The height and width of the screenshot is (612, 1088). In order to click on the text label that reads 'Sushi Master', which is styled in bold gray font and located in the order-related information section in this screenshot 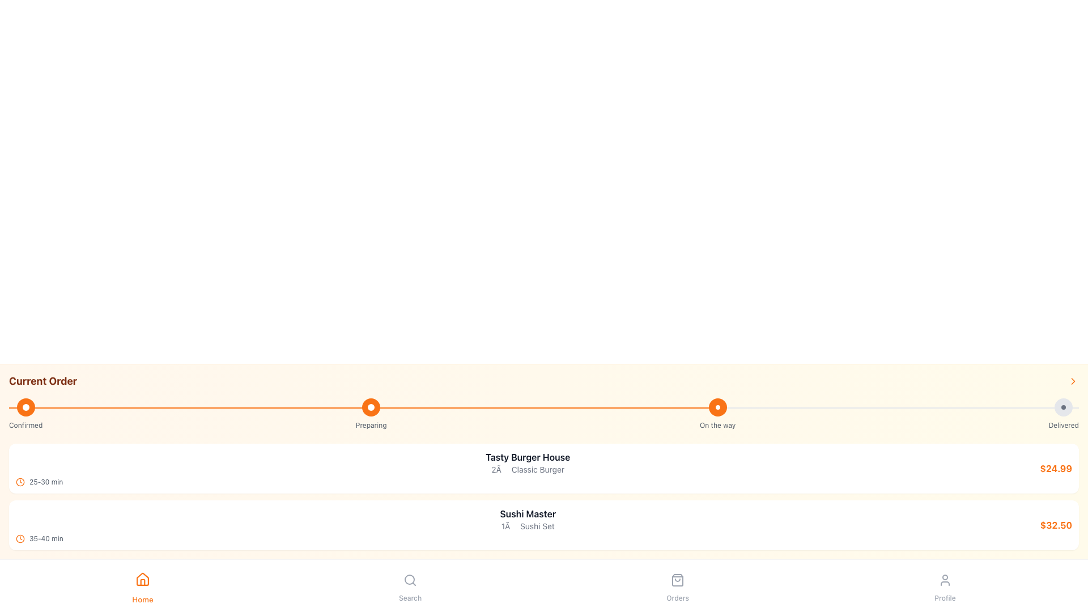, I will do `click(527, 513)`.